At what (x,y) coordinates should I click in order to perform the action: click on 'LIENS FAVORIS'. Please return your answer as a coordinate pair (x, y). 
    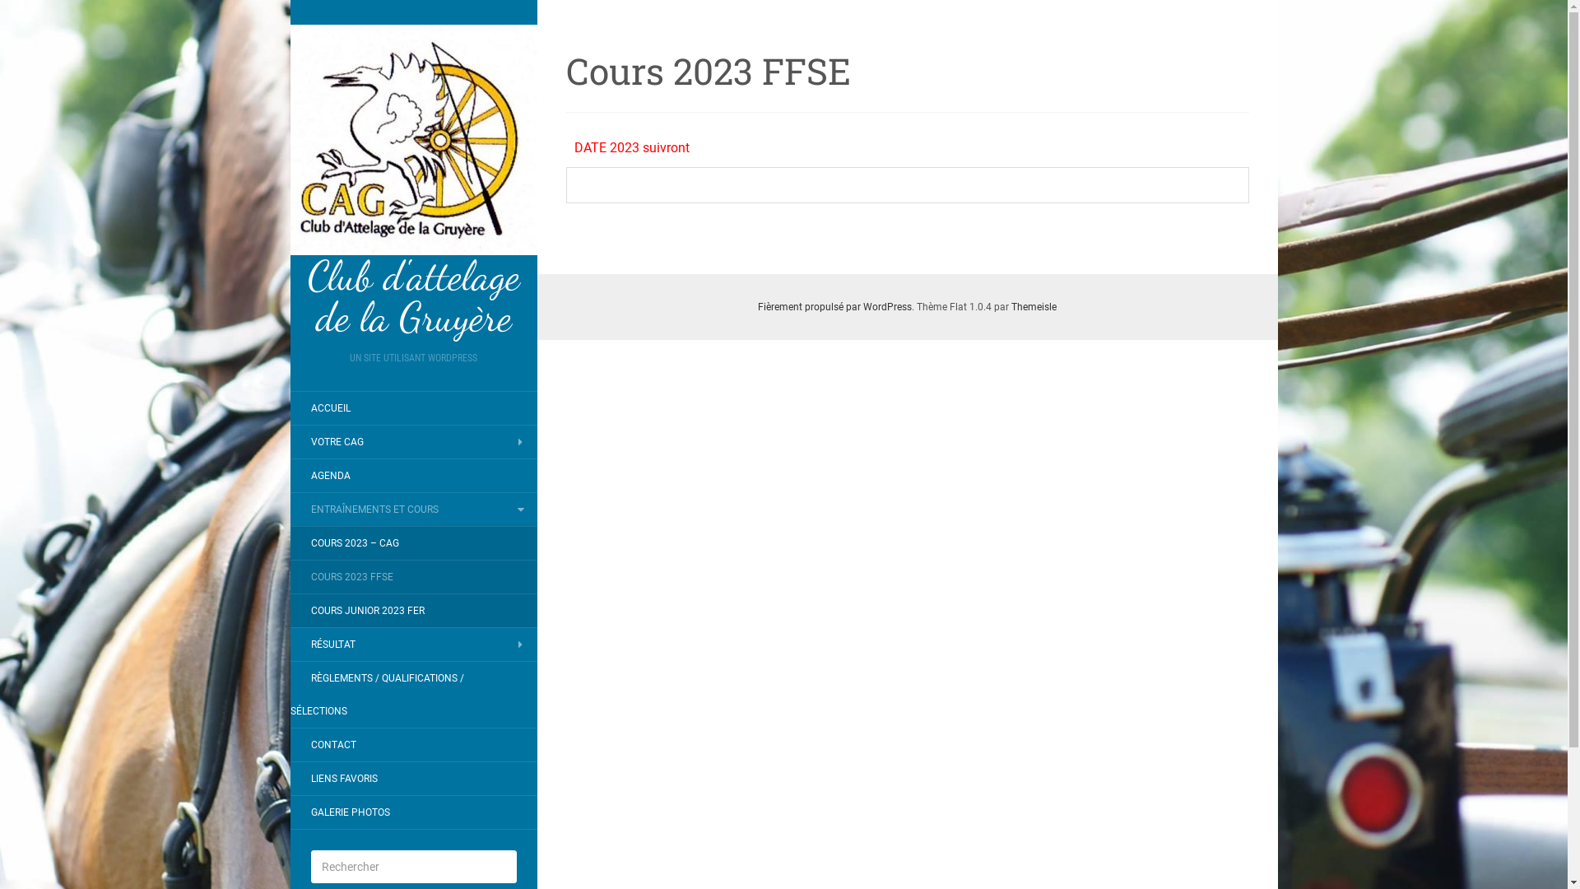
    Looking at the image, I should click on (342, 778).